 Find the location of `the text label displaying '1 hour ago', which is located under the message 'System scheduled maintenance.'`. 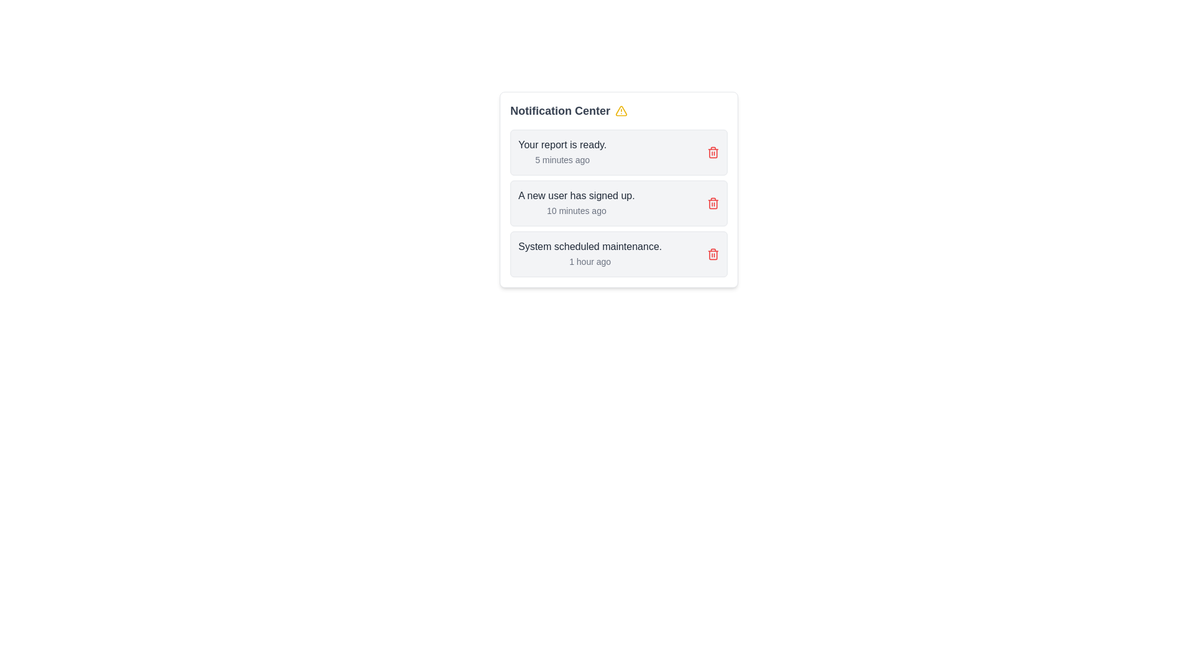

the text label displaying '1 hour ago', which is located under the message 'System scheduled maintenance.' is located at coordinates (589, 261).